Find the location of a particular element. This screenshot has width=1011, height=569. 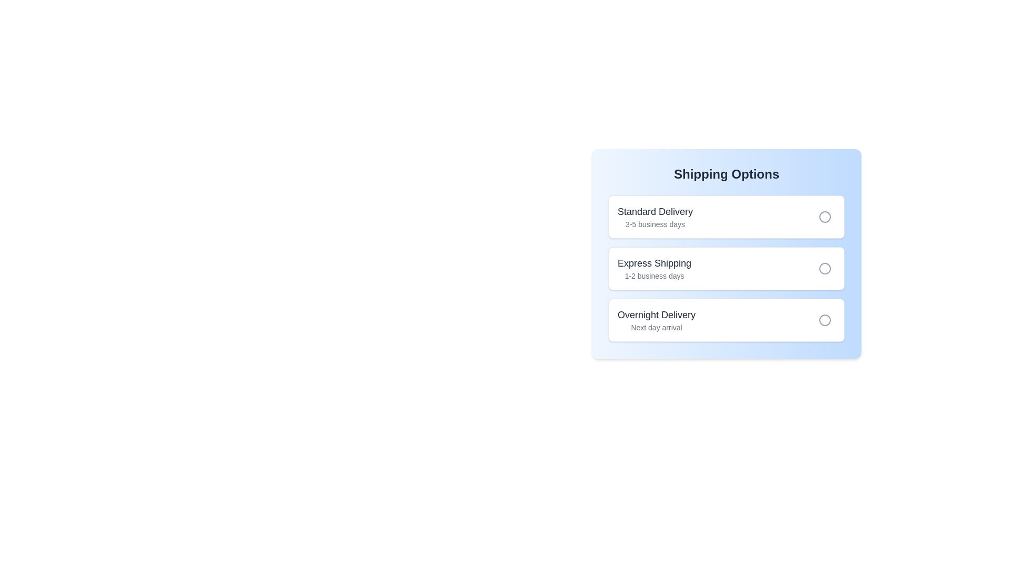

the 'Express Shipping' text label to emphasize the selection option is located at coordinates (654, 268).